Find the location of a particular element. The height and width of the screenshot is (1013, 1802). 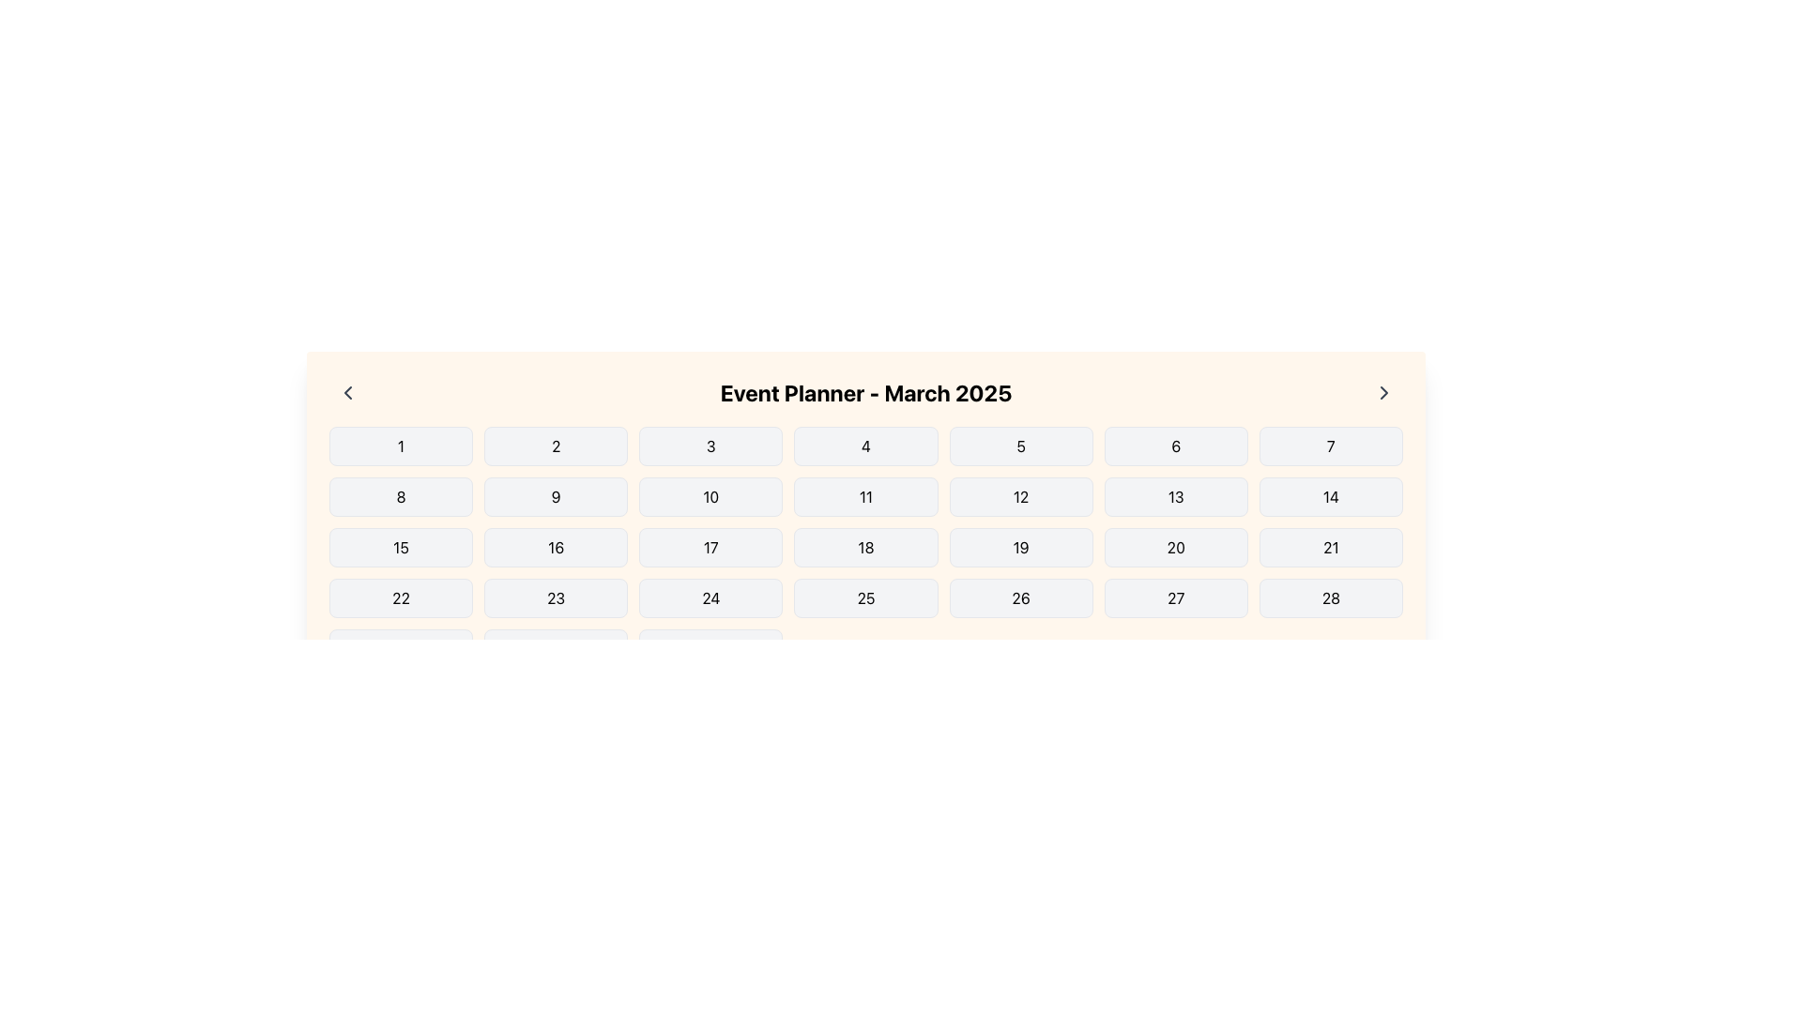

the rounded rectangular button with a light gray background containing the number '7', located in the top row of the grid structure is located at coordinates (1330, 446).